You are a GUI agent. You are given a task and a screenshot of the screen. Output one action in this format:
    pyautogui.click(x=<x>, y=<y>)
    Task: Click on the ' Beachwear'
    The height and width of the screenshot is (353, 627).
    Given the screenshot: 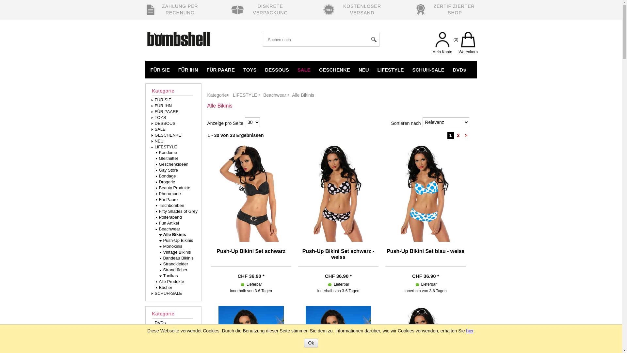 What is the action you would take?
    pyautogui.click(x=169, y=228)
    